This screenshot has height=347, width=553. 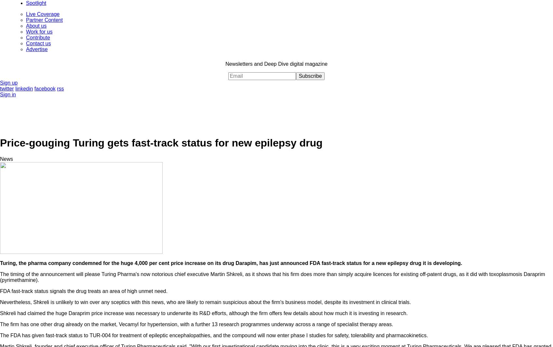 What do you see at coordinates (203, 313) in the screenshot?
I see `'Shkreli had claimed the huge Daraprim price increase was necessary to underwrite its R&D efforts, although the firm offers few details about how much it is investing in research.'` at bounding box center [203, 313].